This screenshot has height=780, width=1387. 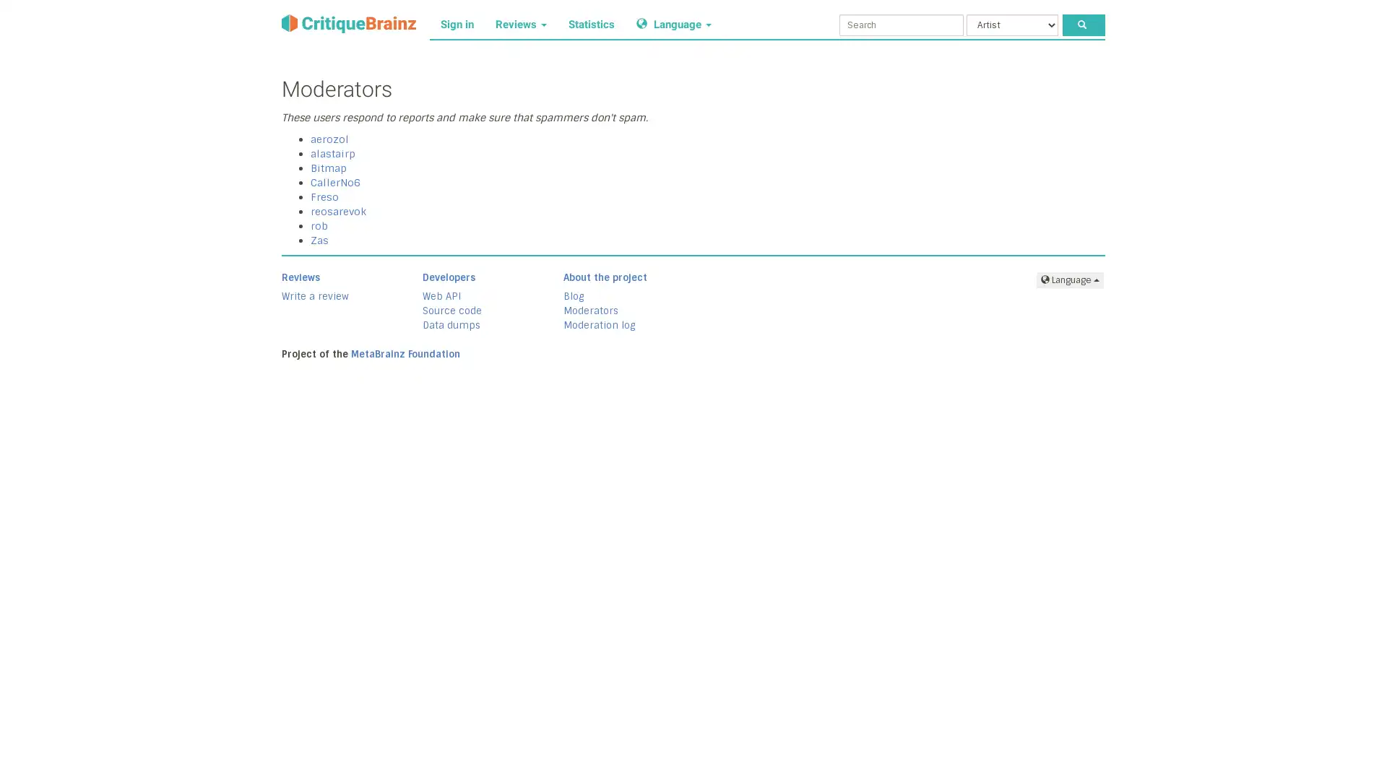 I want to click on Language, so click(x=1070, y=279).